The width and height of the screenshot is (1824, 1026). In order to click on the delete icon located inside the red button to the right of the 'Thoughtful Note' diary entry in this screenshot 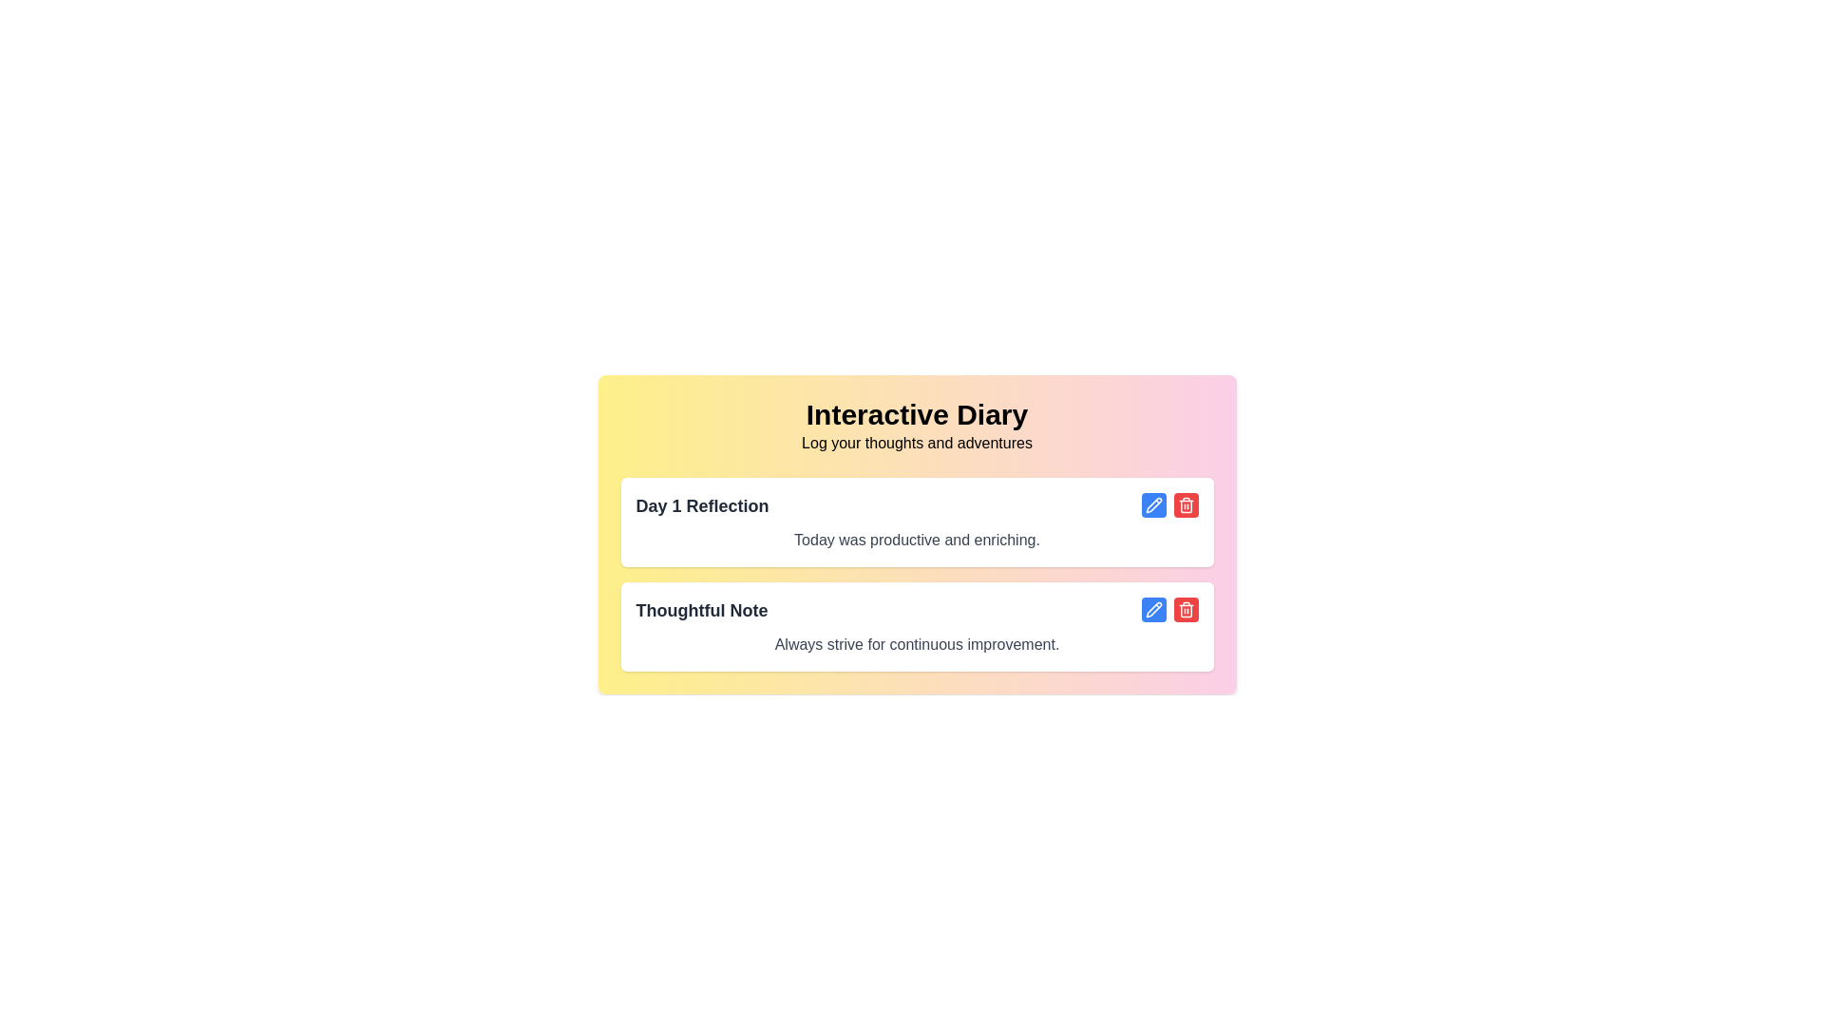, I will do `click(1185, 609)`.